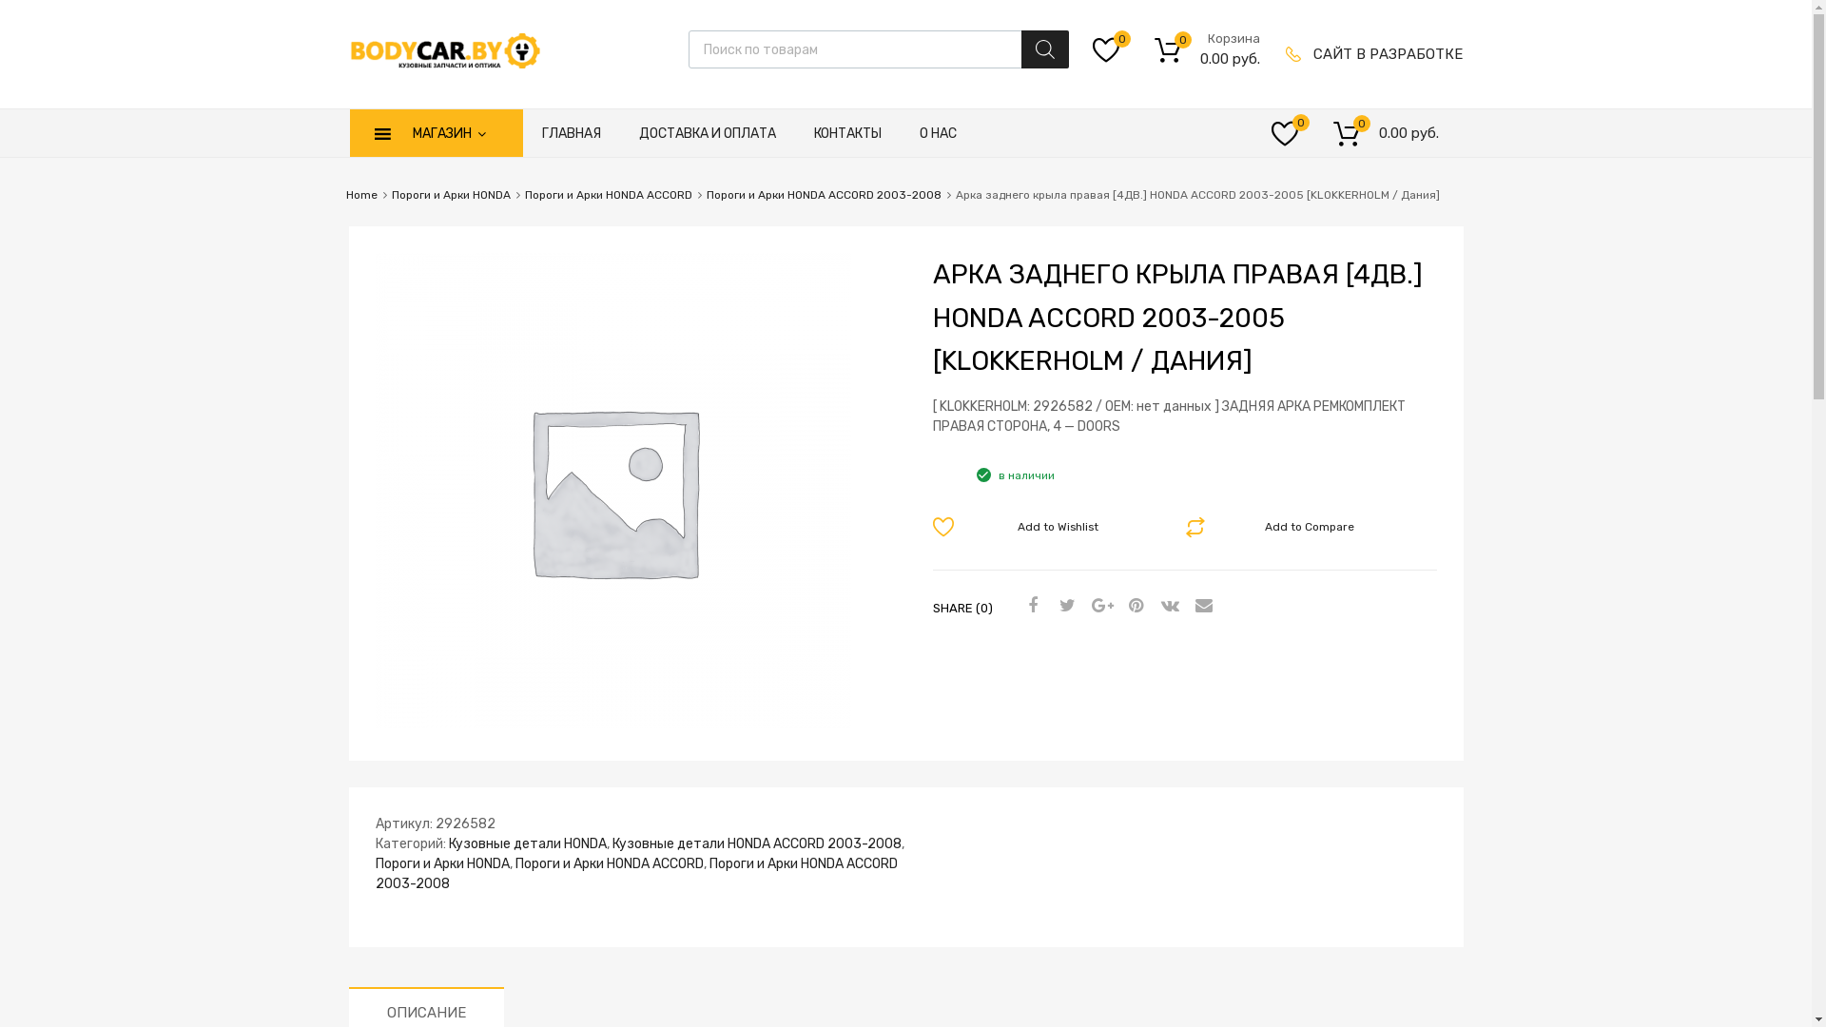  I want to click on 'Share this article on Twitter', so click(1062, 606).